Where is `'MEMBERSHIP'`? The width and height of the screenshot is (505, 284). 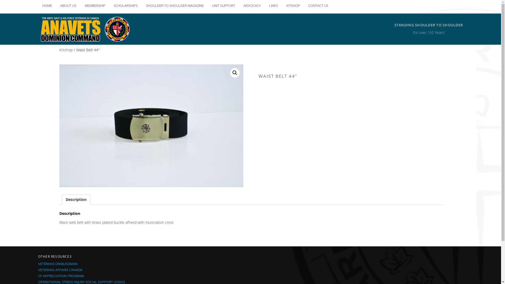 'MEMBERSHIP' is located at coordinates (95, 6).